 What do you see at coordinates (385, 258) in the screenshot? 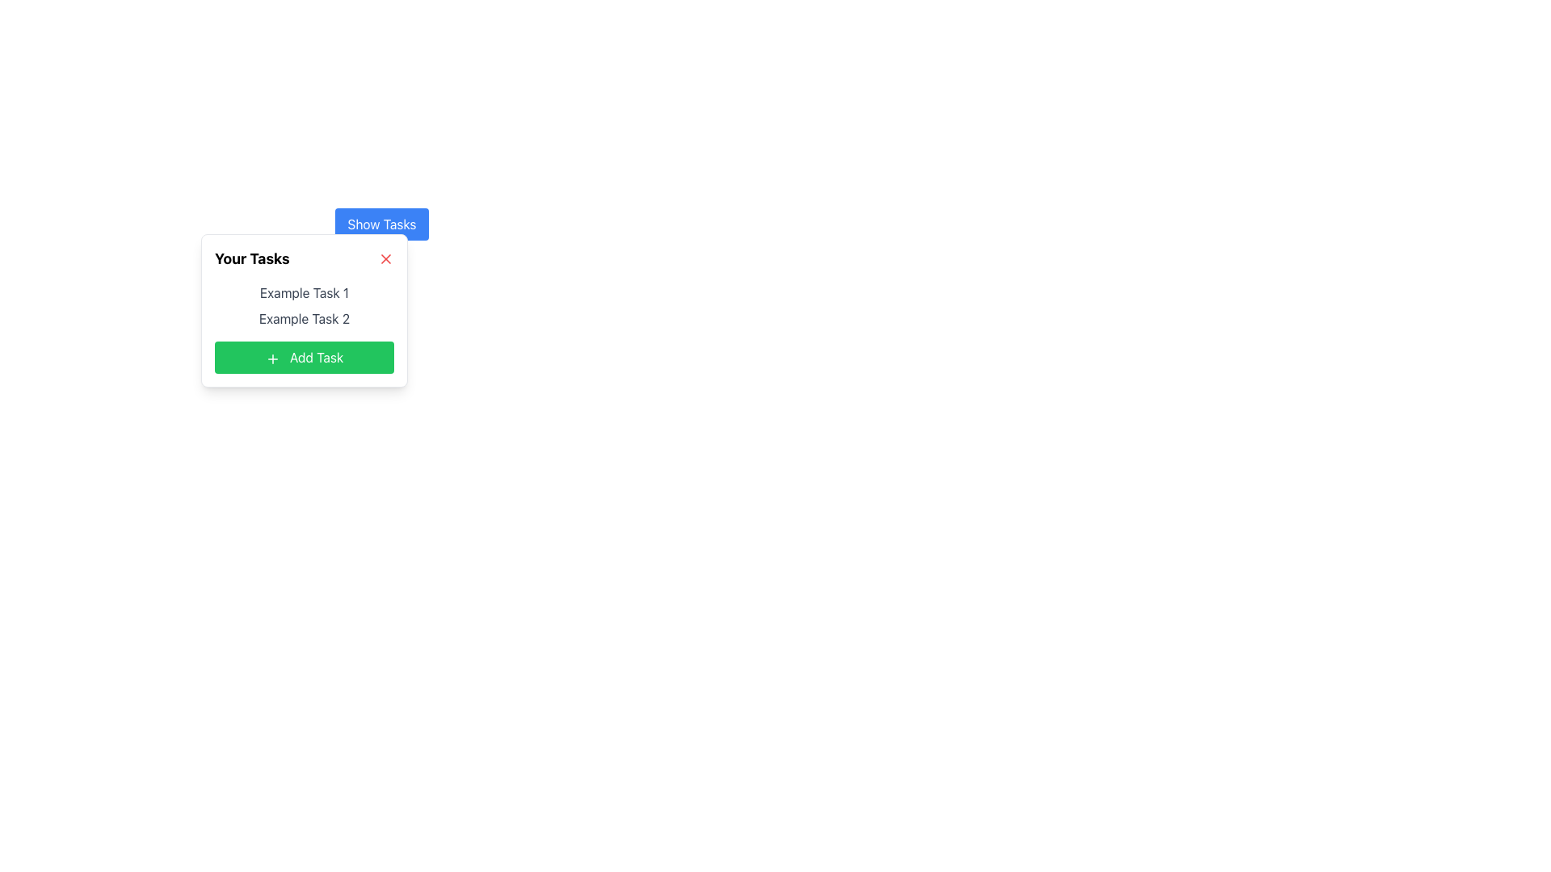
I see `the close button located in the top-right corner of the 'Your Tasks' panel for feedback` at bounding box center [385, 258].